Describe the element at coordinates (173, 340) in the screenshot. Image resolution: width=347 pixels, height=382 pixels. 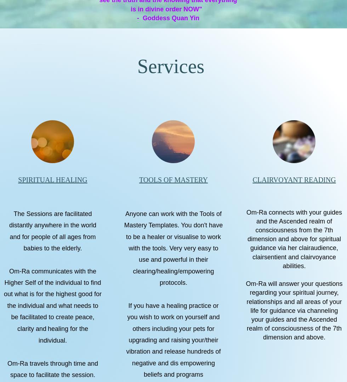
I see `'If you have a healing practice or you wish to work on yourself and others including your pets for upgrading and raising your/their vibration and release hundreds of negative and dis empowering beliefs and programs'` at that location.